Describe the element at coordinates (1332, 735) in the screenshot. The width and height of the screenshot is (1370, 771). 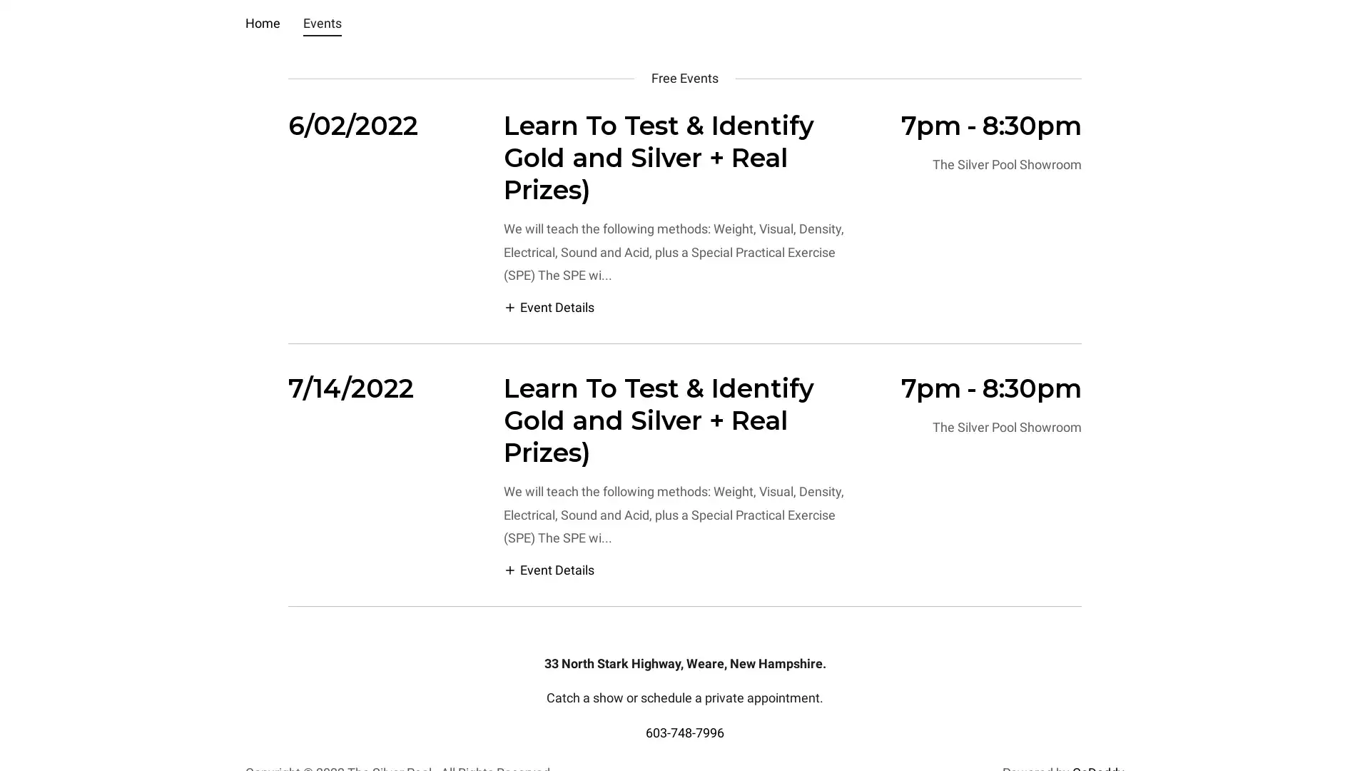
I see `Chat widget toggle` at that location.